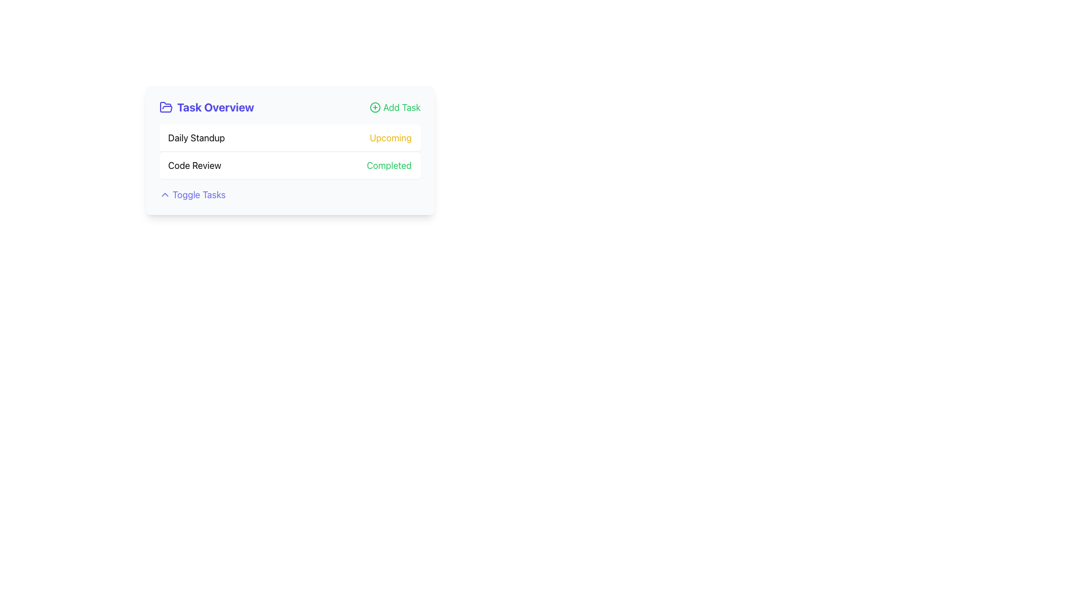  Describe the element at coordinates (391, 137) in the screenshot. I see `the Static Text Label displaying 'Upcoming' styled in yellow, located to the right of 'Daily Standup' in the 'Task Overview' section` at that location.